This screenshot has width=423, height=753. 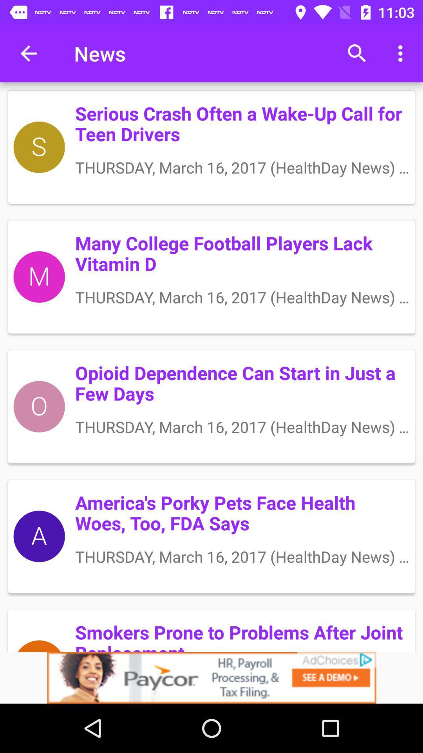 What do you see at coordinates (211, 147) in the screenshot?
I see `the first block under the menu bar` at bounding box center [211, 147].